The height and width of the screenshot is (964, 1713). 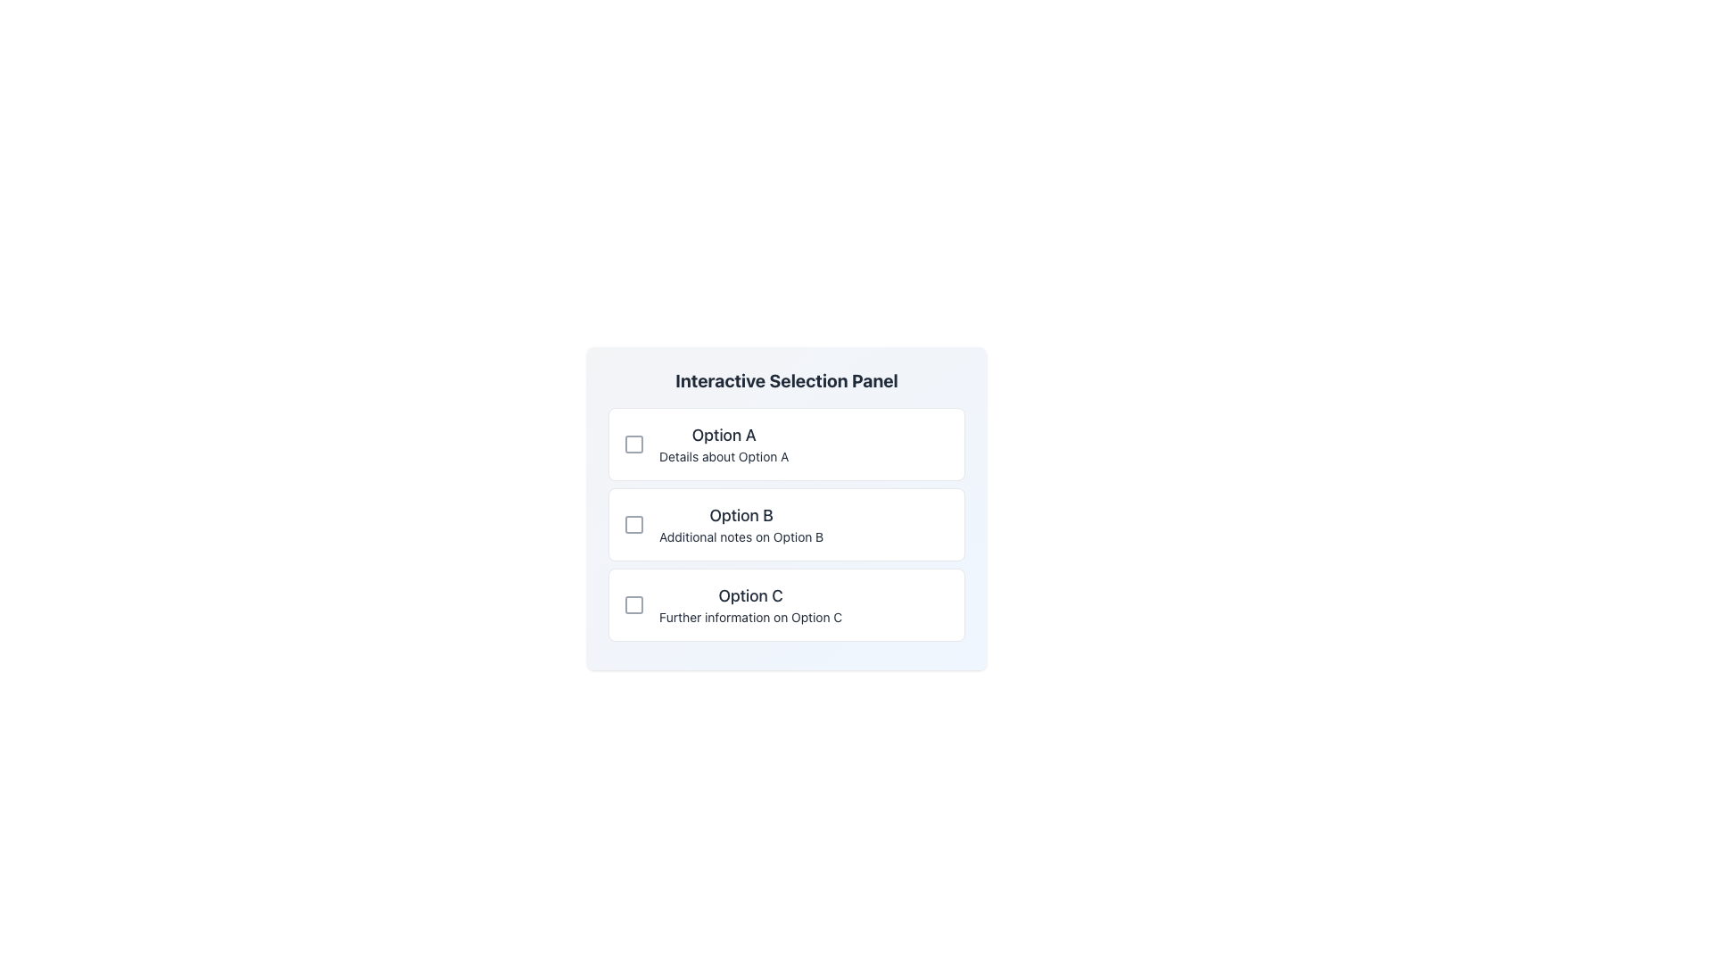 I want to click on the second option 'Option B', so click(x=786, y=509).